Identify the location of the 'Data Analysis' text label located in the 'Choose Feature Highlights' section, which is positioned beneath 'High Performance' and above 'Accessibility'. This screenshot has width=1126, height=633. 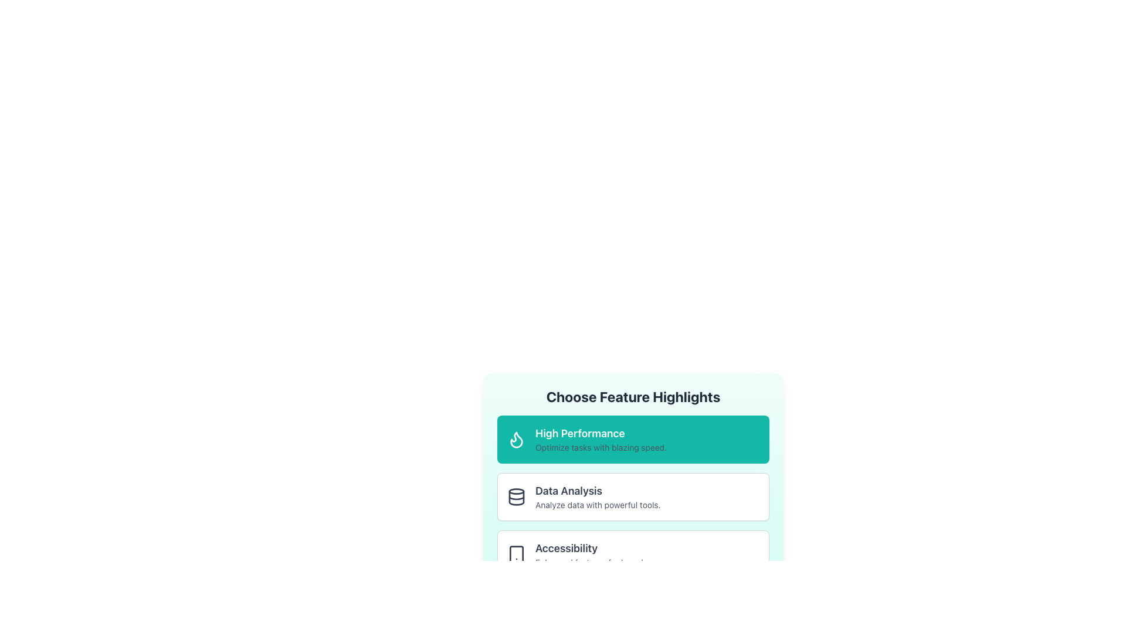
(598, 491).